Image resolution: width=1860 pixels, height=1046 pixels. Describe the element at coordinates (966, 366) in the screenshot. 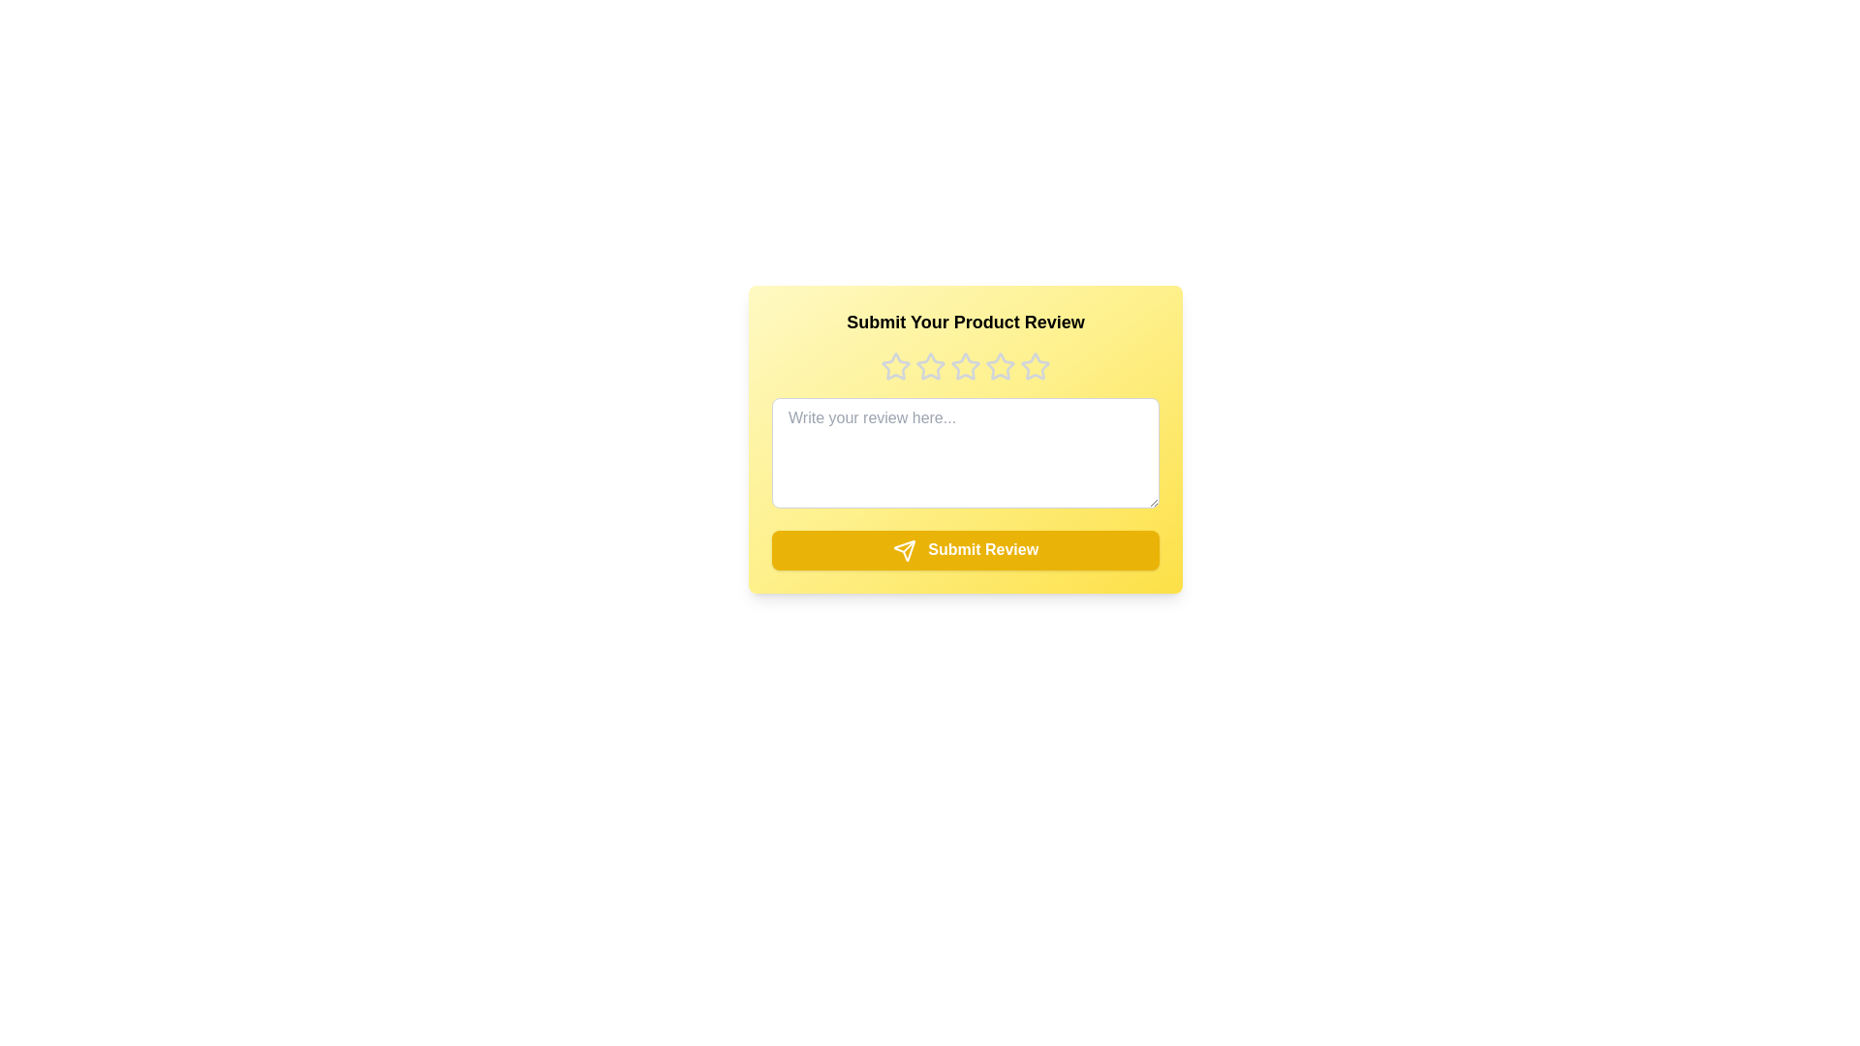

I see `on the fourth star icon in the rating component` at that location.